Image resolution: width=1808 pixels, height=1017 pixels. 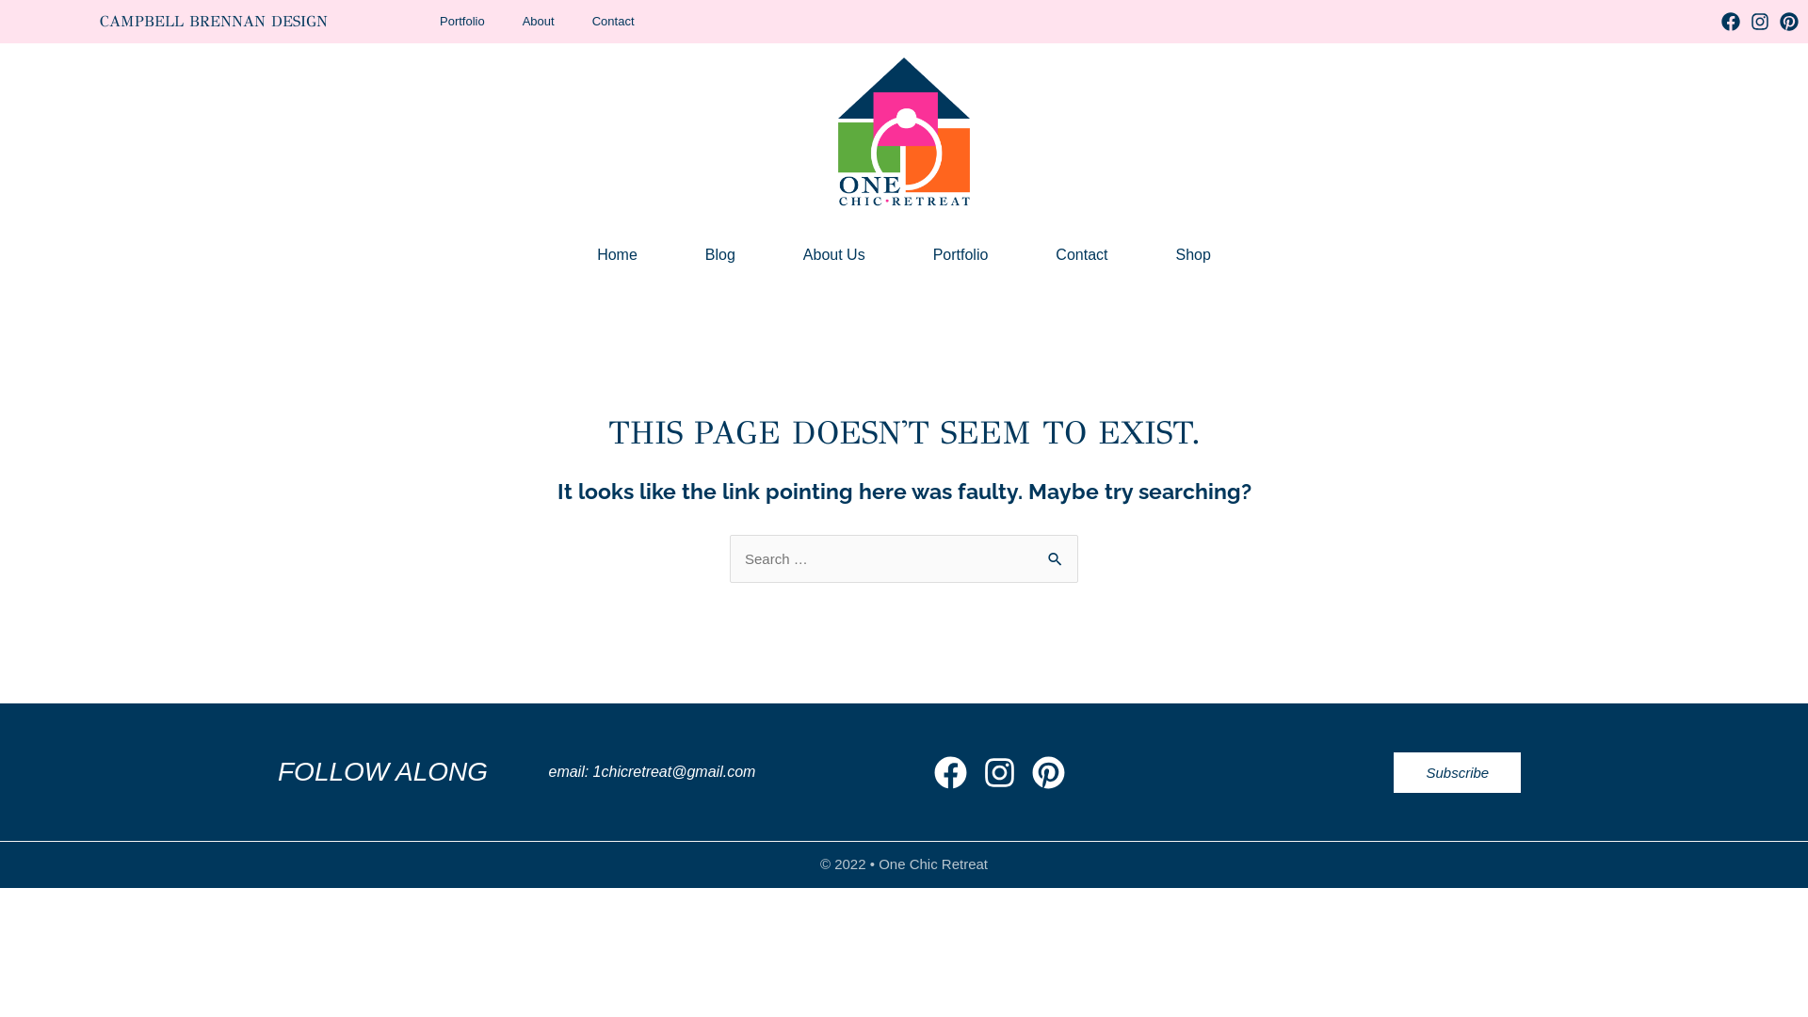 What do you see at coordinates (718, 254) in the screenshot?
I see `'Blog'` at bounding box center [718, 254].